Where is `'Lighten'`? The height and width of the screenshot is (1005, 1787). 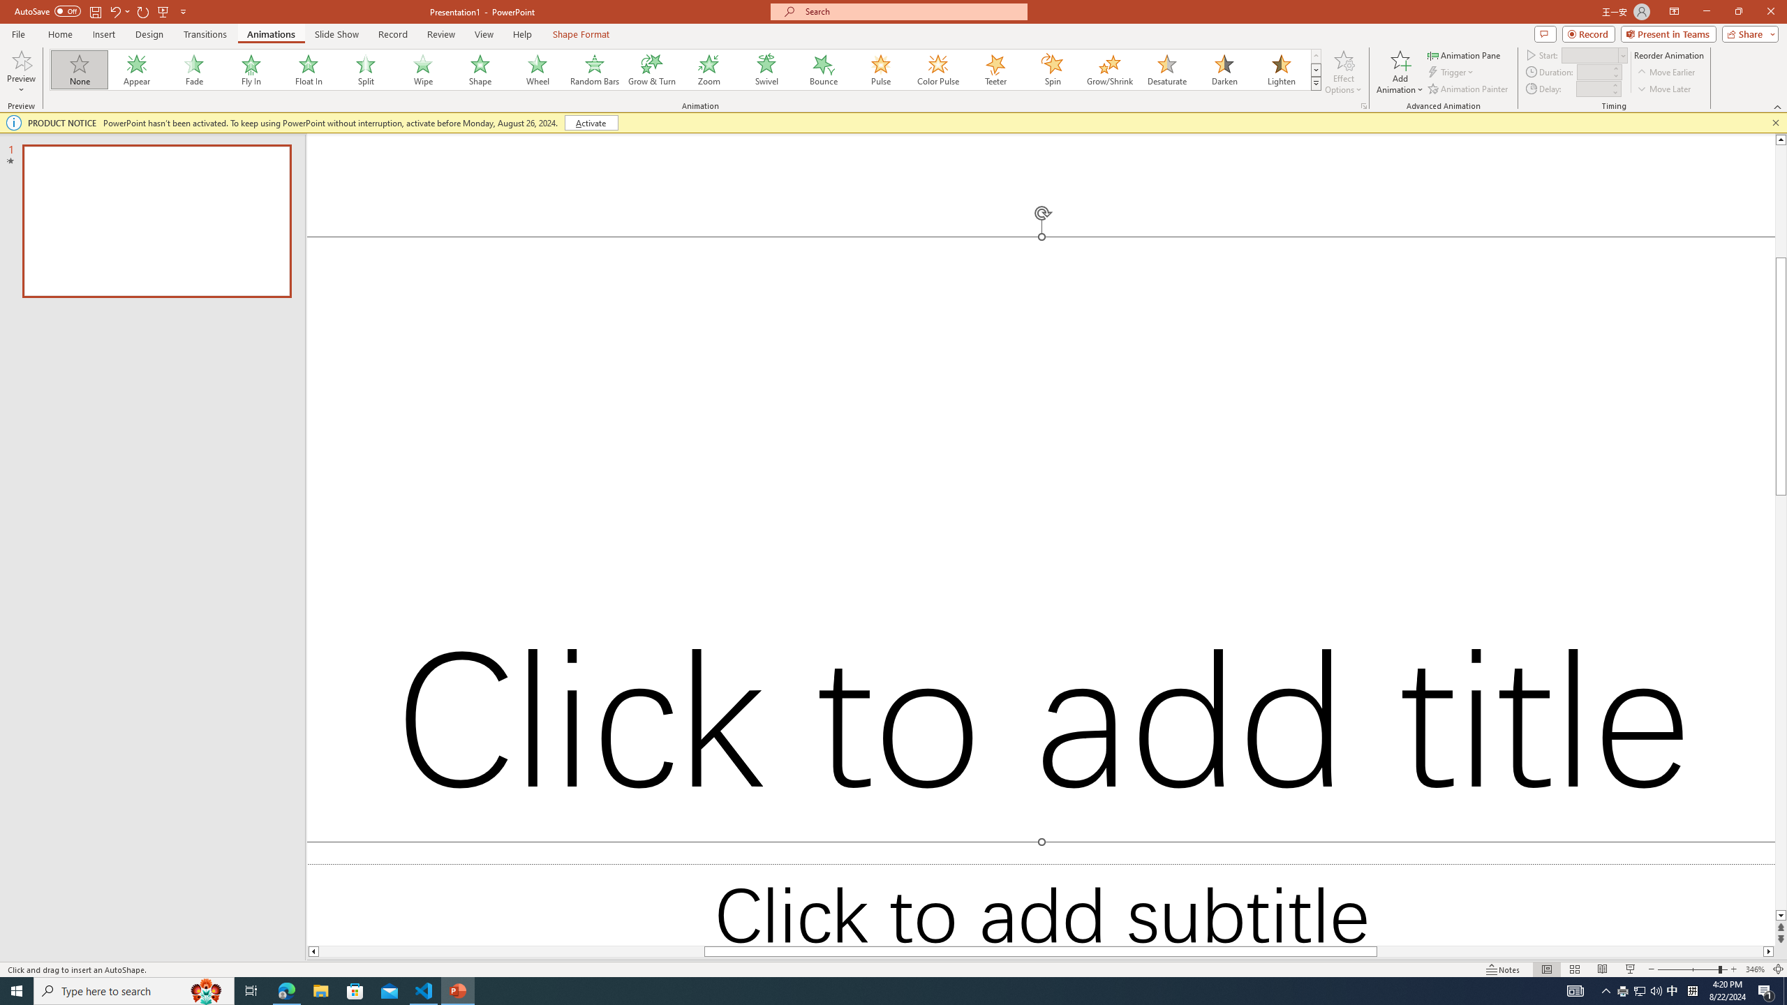 'Lighten' is located at coordinates (1280, 69).